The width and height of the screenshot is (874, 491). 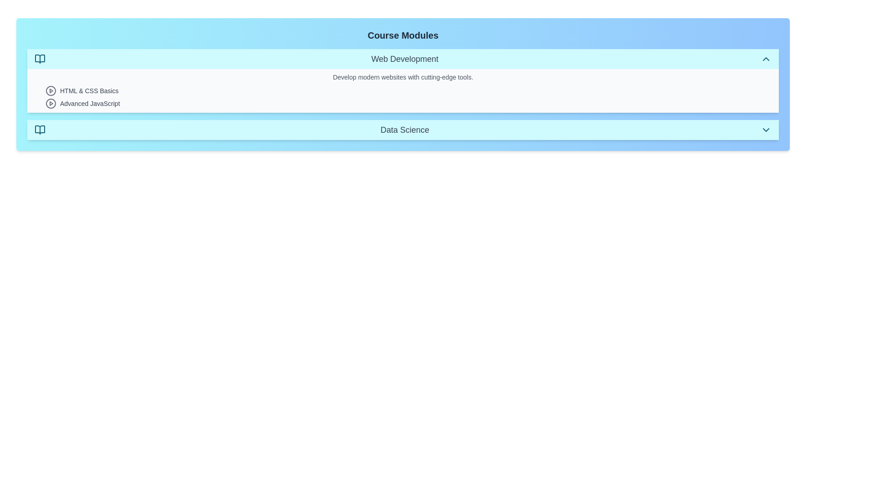 I want to click on the Collapsible header labeled 'Data Science' with a light cyan background, so click(x=402, y=130).